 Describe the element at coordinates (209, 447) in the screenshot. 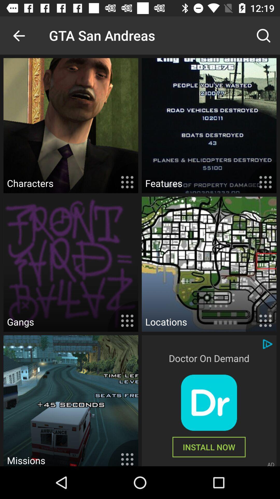

I see `the item next to ad icon` at that location.